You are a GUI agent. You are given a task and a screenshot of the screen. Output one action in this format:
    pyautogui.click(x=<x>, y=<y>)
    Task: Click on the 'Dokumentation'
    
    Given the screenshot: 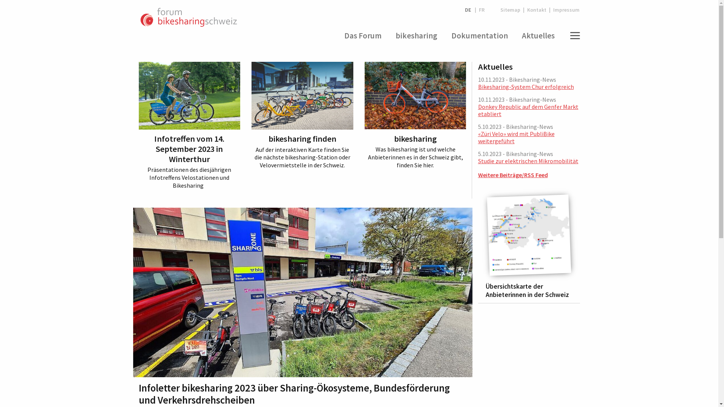 What is the action you would take?
    pyautogui.click(x=479, y=36)
    